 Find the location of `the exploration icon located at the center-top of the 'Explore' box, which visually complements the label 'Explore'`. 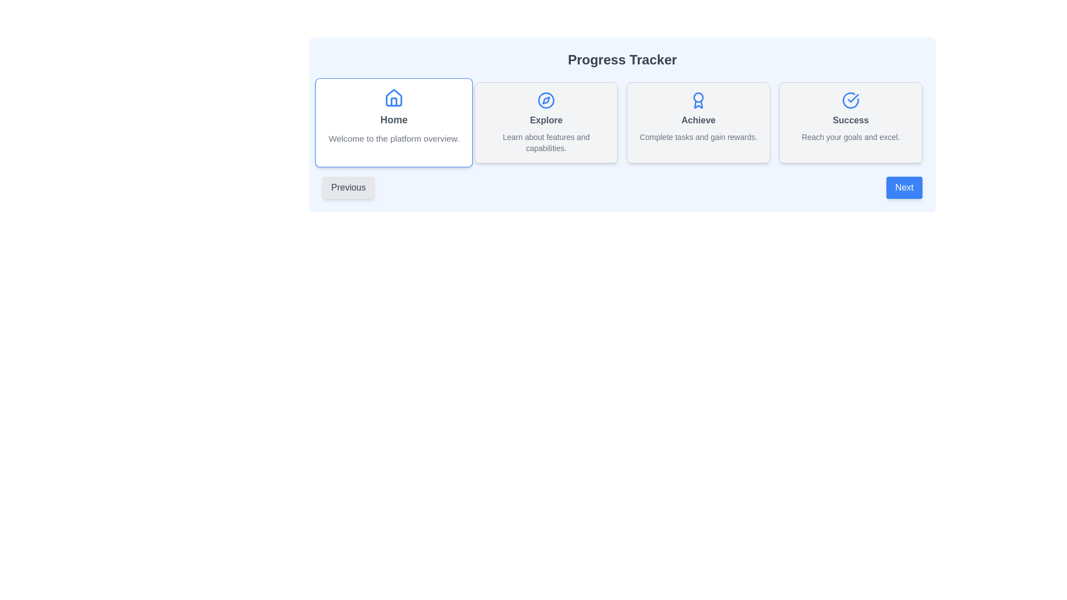

the exploration icon located at the center-top of the 'Explore' box, which visually complements the label 'Explore' is located at coordinates (546, 101).